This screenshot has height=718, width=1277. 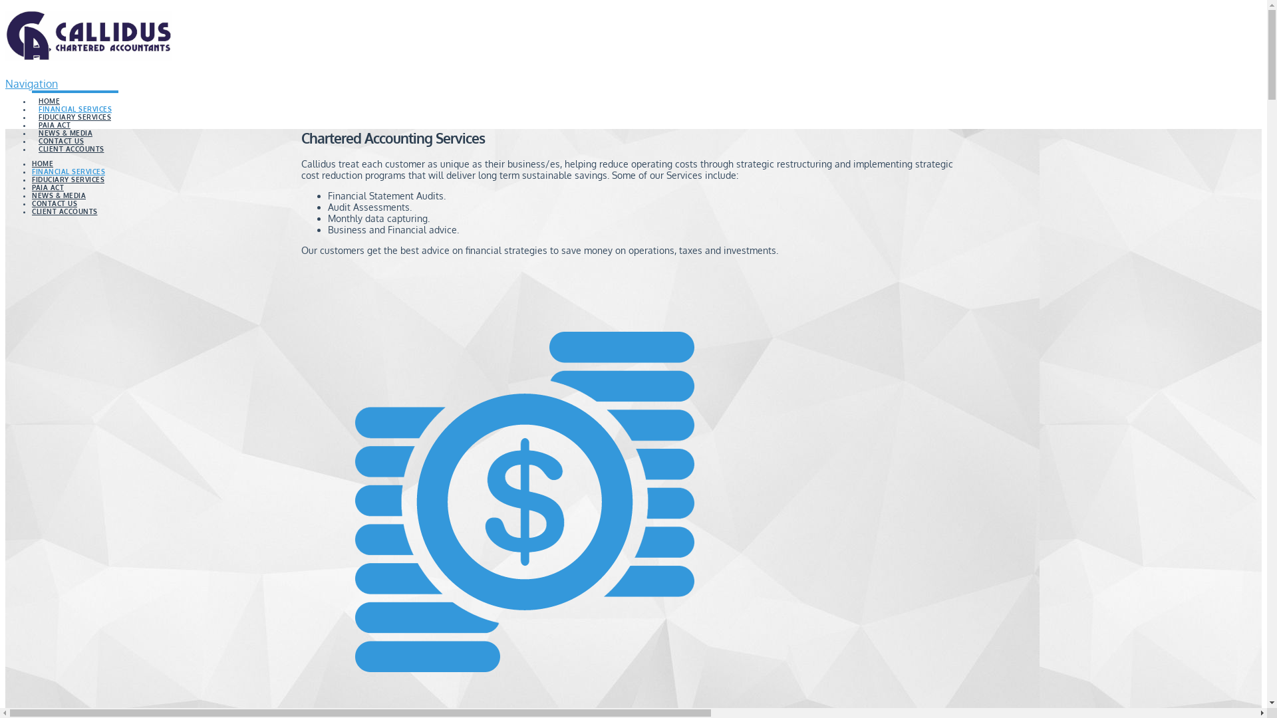 What do you see at coordinates (58, 195) in the screenshot?
I see `'NEWS & MEDIA'` at bounding box center [58, 195].